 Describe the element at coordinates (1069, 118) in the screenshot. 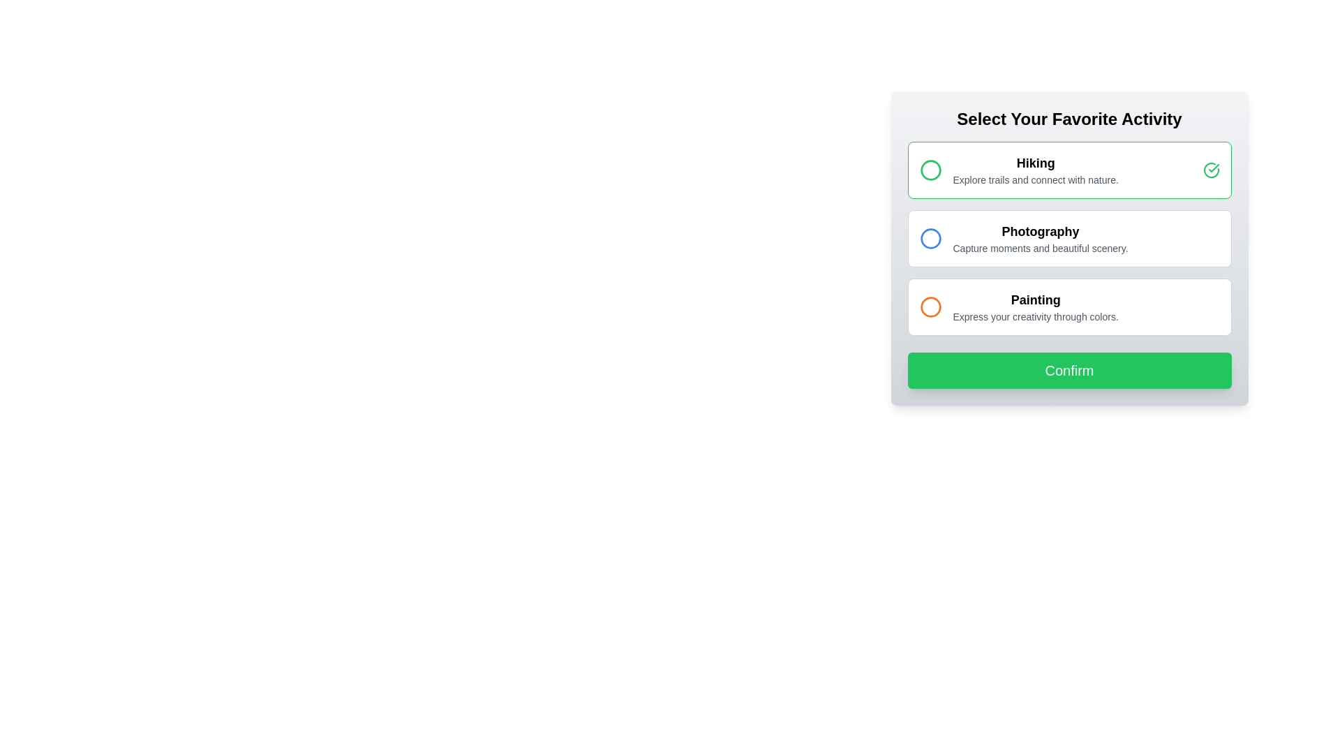

I see `the bolded large-font heading that reads 'Select Your Favorite Activity', which is centered at the top of the interface` at that location.